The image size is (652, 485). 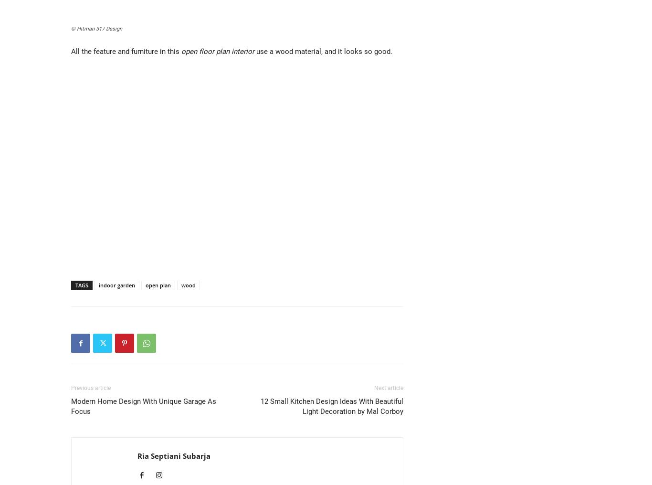 I want to click on 'use a wood material, and it looks so good.', so click(x=323, y=52).